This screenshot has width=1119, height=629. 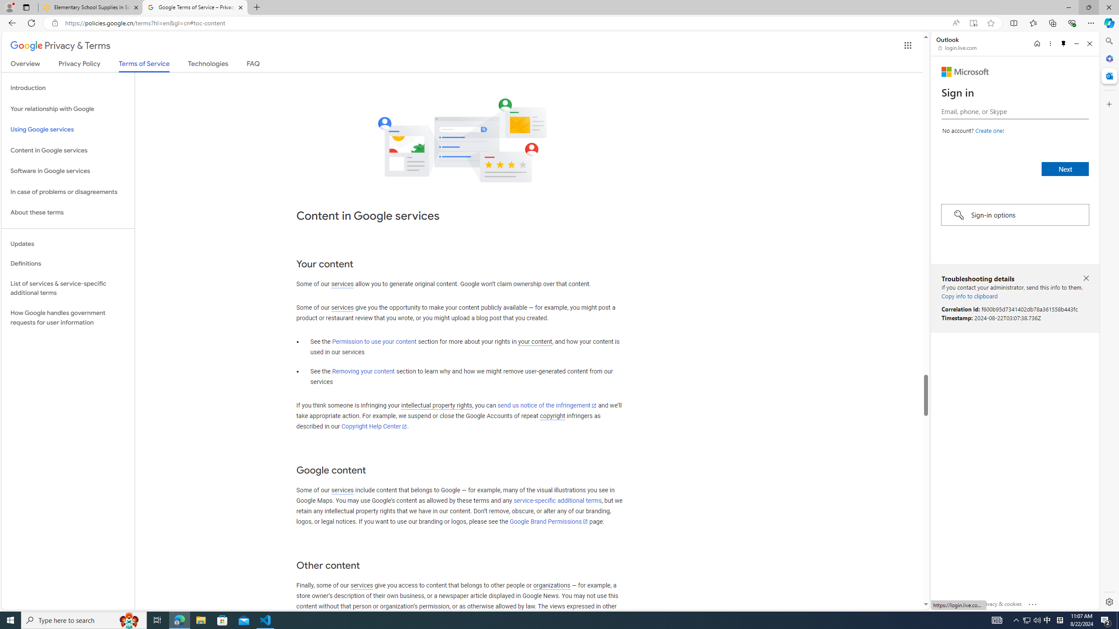 I want to click on 'Enter your email, phone, or Skype.', so click(x=1014, y=111).